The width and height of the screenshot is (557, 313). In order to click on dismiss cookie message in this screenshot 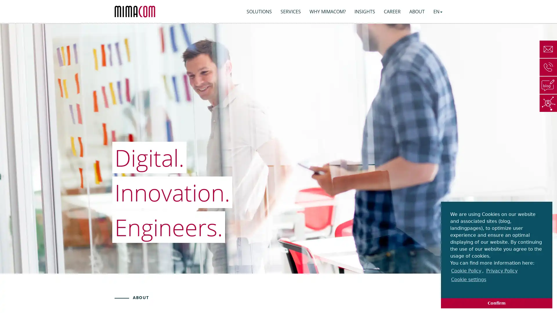, I will do `click(496, 303)`.